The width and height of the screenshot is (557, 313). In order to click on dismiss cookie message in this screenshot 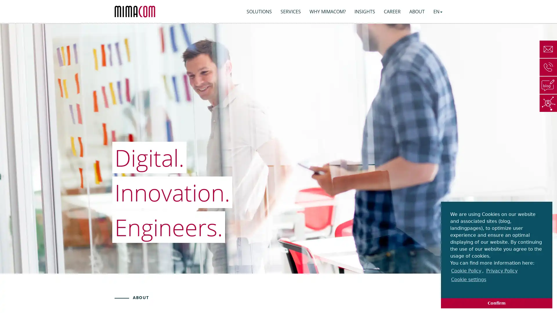, I will do `click(496, 303)`.